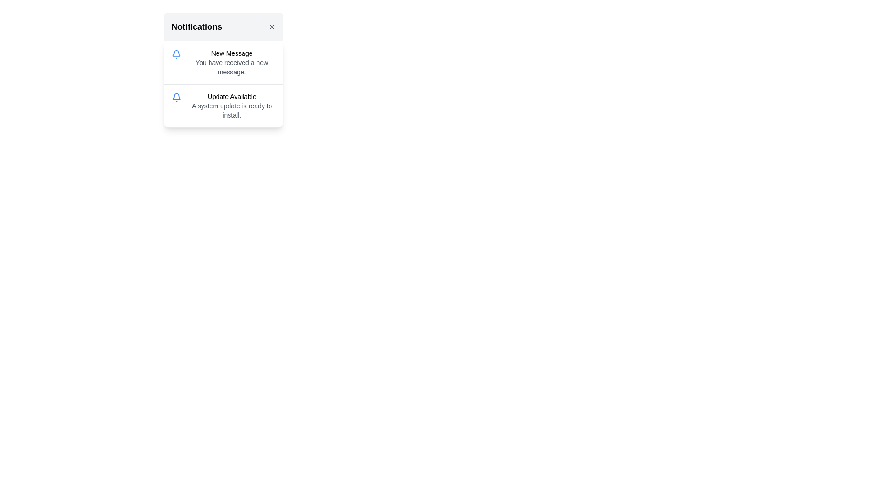 This screenshot has width=894, height=502. I want to click on the text label that provides descriptive information about the notification under the header 'New Message' in the notification box, so click(232, 67).